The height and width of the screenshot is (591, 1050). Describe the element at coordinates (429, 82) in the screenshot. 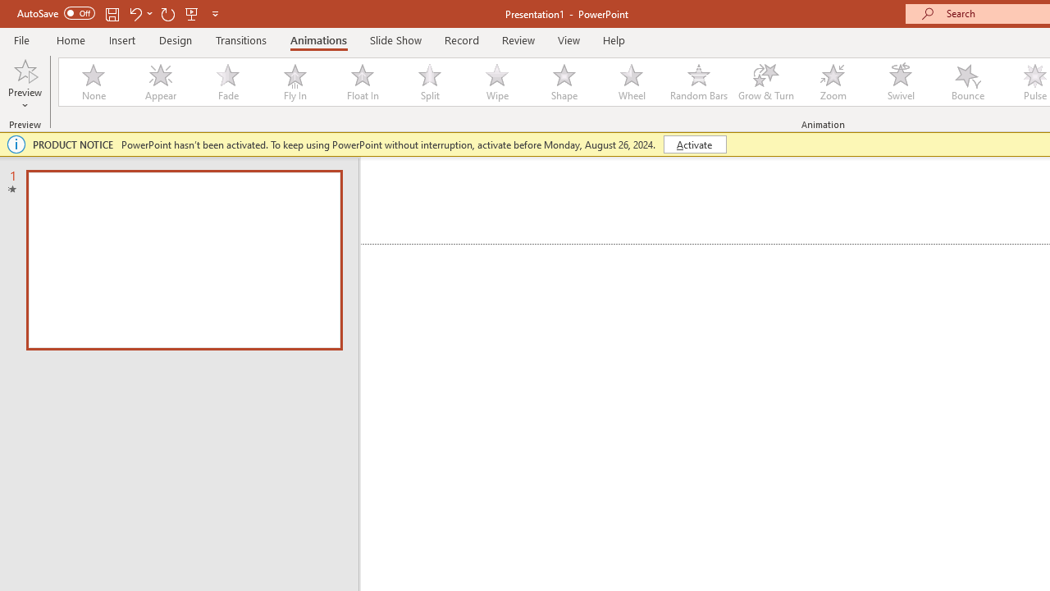

I see `'Split'` at that location.